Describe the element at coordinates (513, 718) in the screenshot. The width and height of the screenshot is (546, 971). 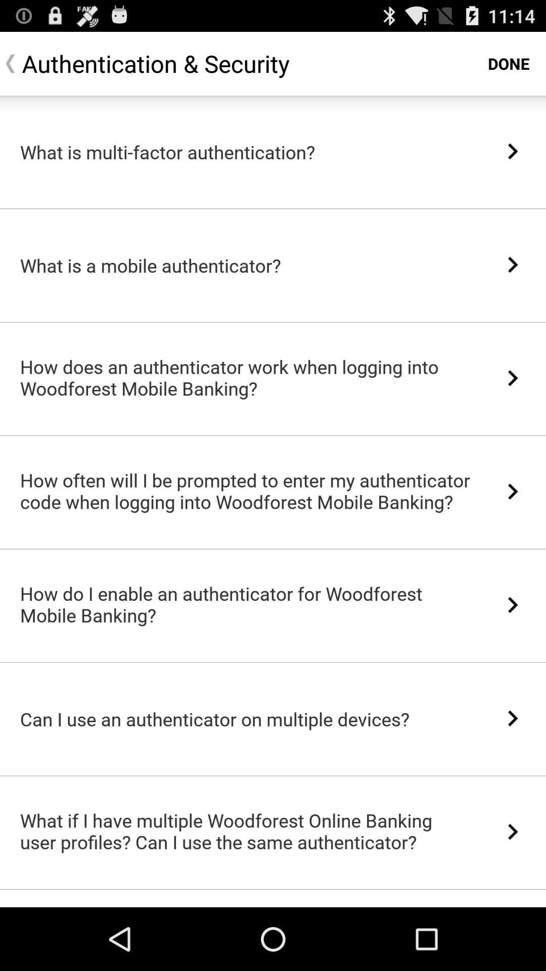
I see `the icon to the right of the can i use` at that location.